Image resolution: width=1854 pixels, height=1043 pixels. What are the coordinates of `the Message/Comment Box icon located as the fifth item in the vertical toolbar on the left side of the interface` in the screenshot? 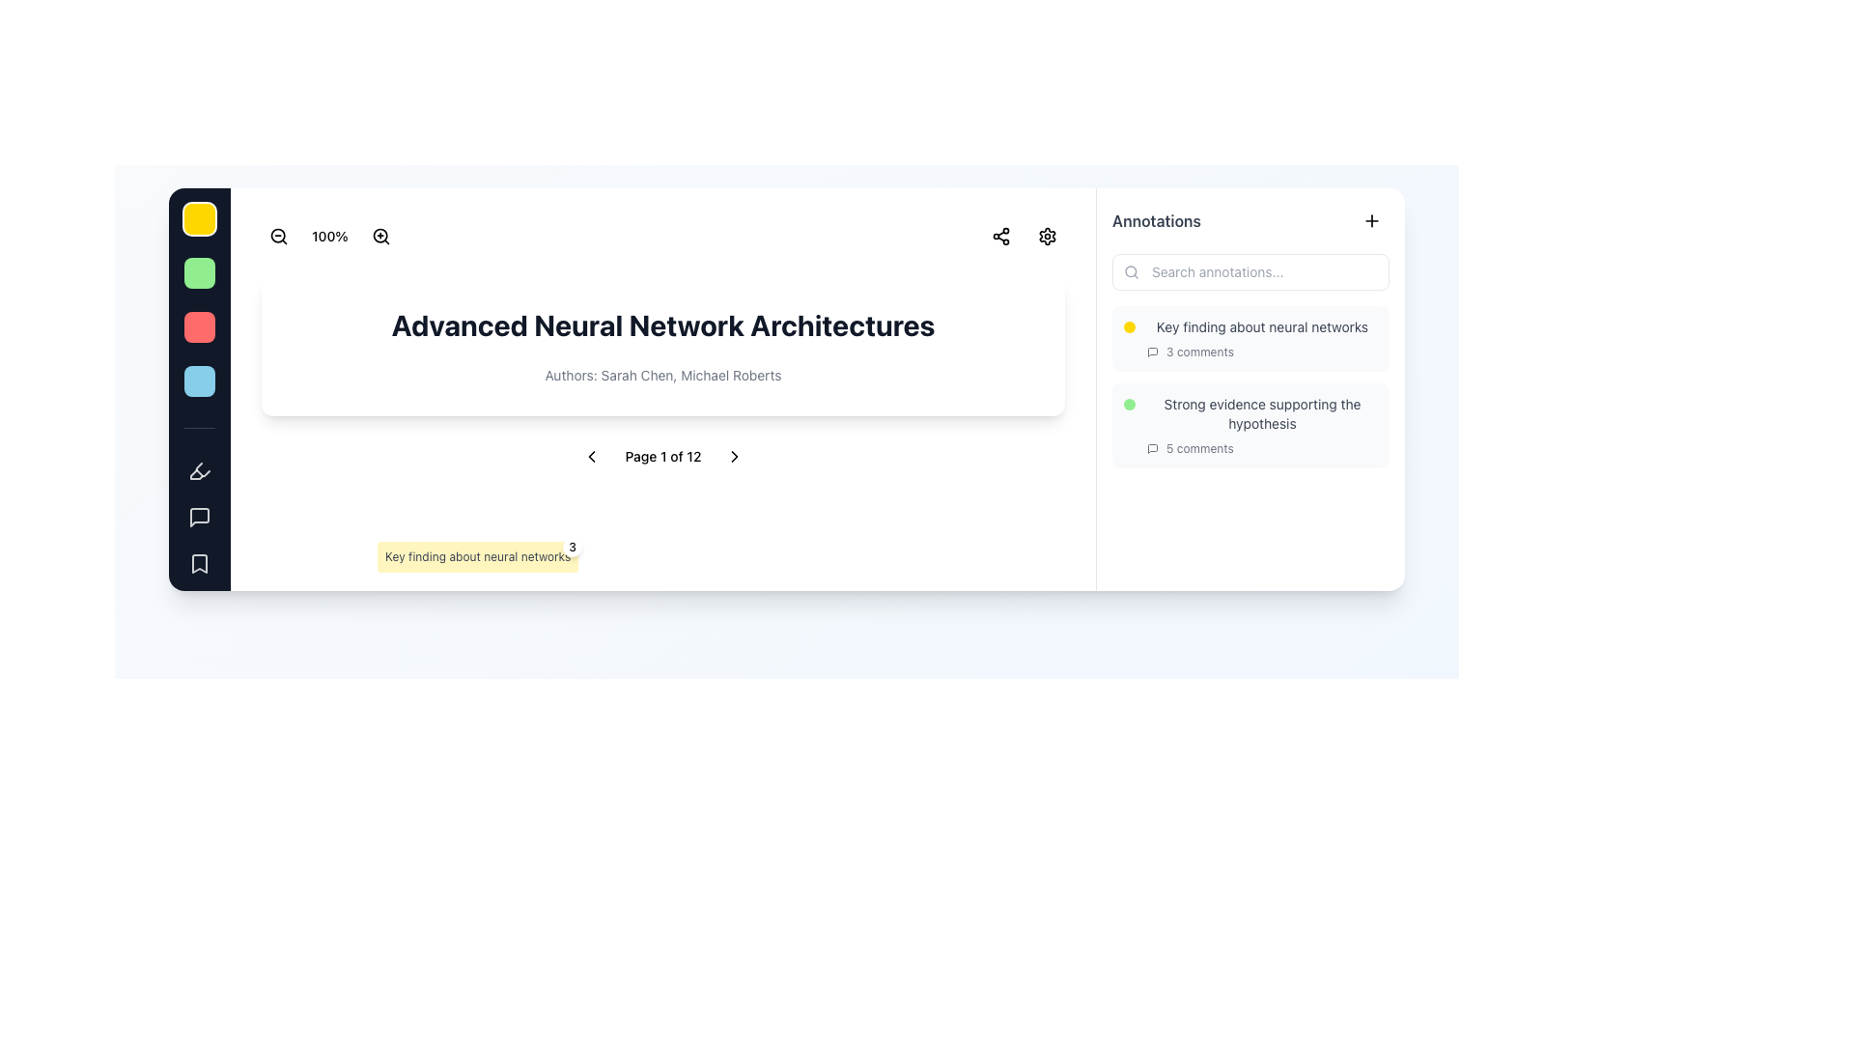 It's located at (199, 517).